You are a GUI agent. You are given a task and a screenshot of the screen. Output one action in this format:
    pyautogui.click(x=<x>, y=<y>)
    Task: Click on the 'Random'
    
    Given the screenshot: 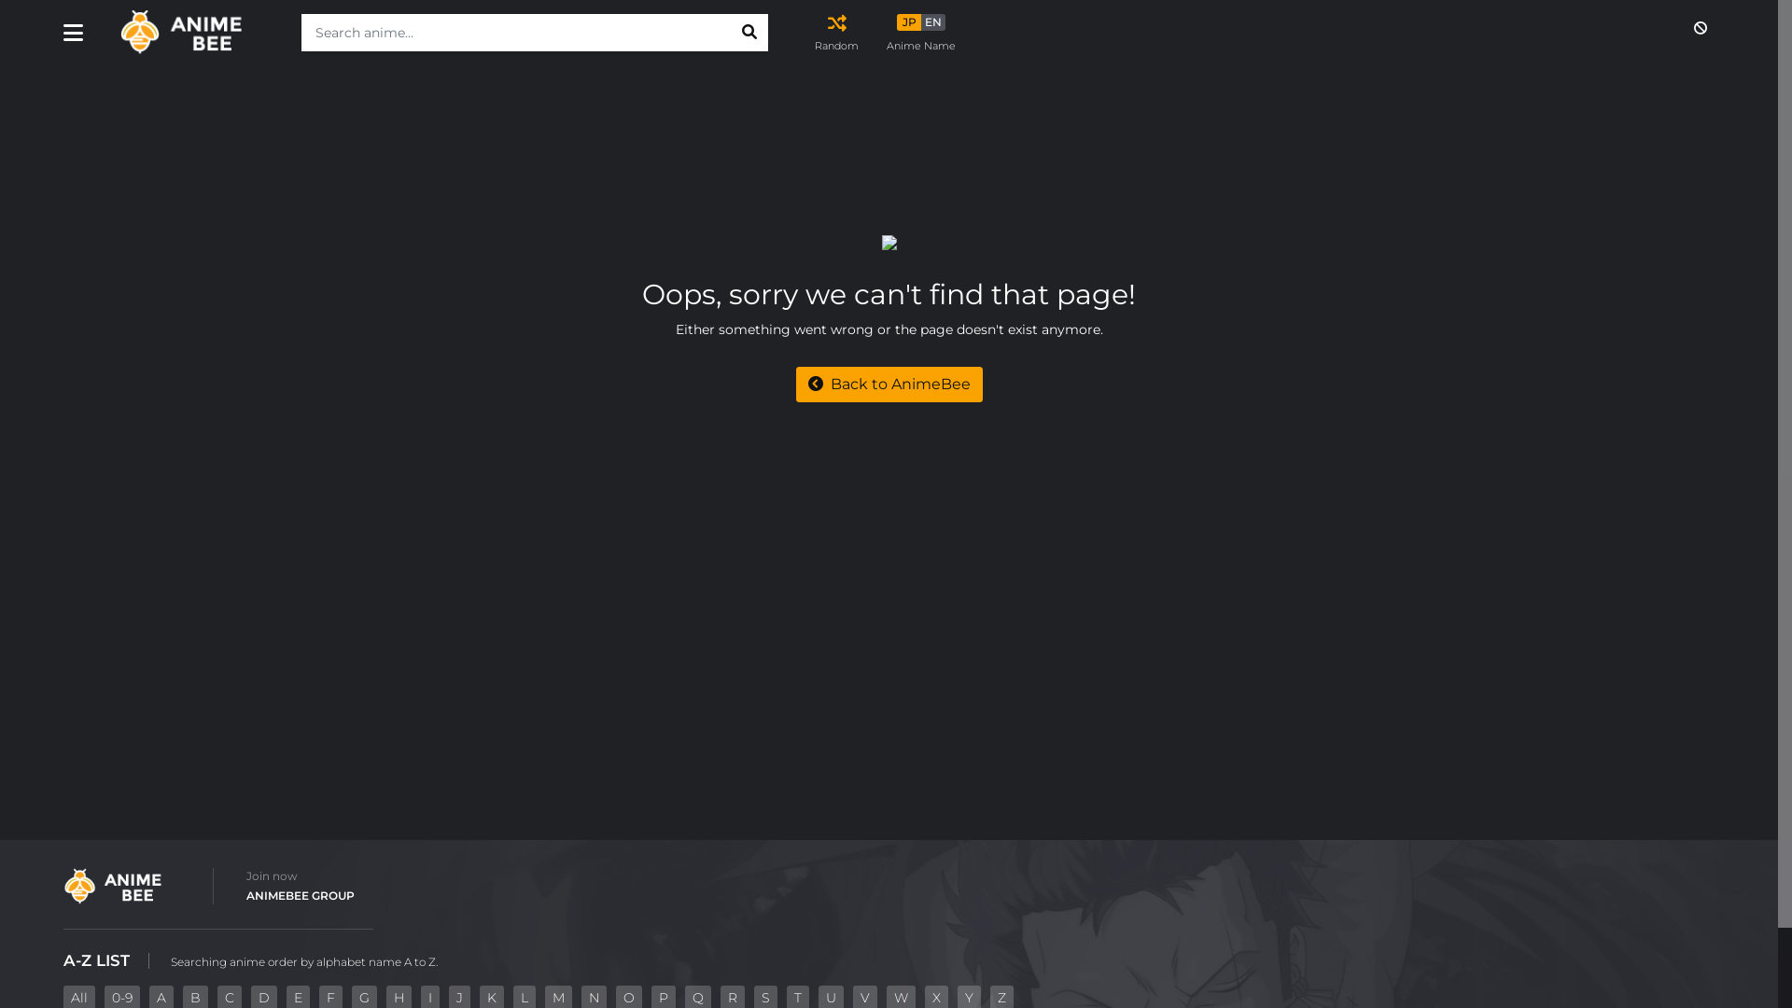 What is the action you would take?
    pyautogui.click(x=815, y=32)
    